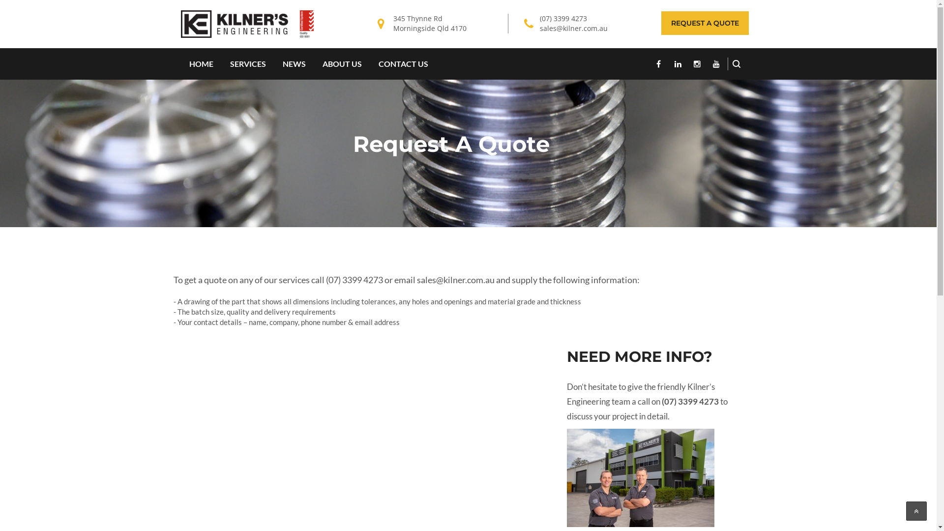 The height and width of the screenshot is (531, 944). Describe the element at coordinates (201, 64) in the screenshot. I see `'HOME'` at that location.